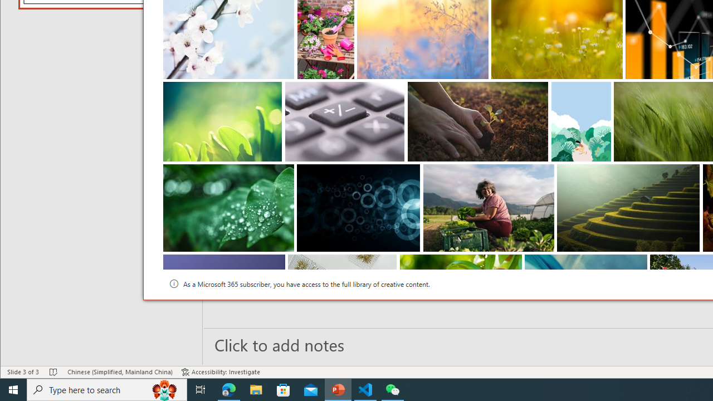 This screenshot has width=713, height=401. Describe the element at coordinates (365, 389) in the screenshot. I see `'Visual Studio Code - 1 running window'` at that location.